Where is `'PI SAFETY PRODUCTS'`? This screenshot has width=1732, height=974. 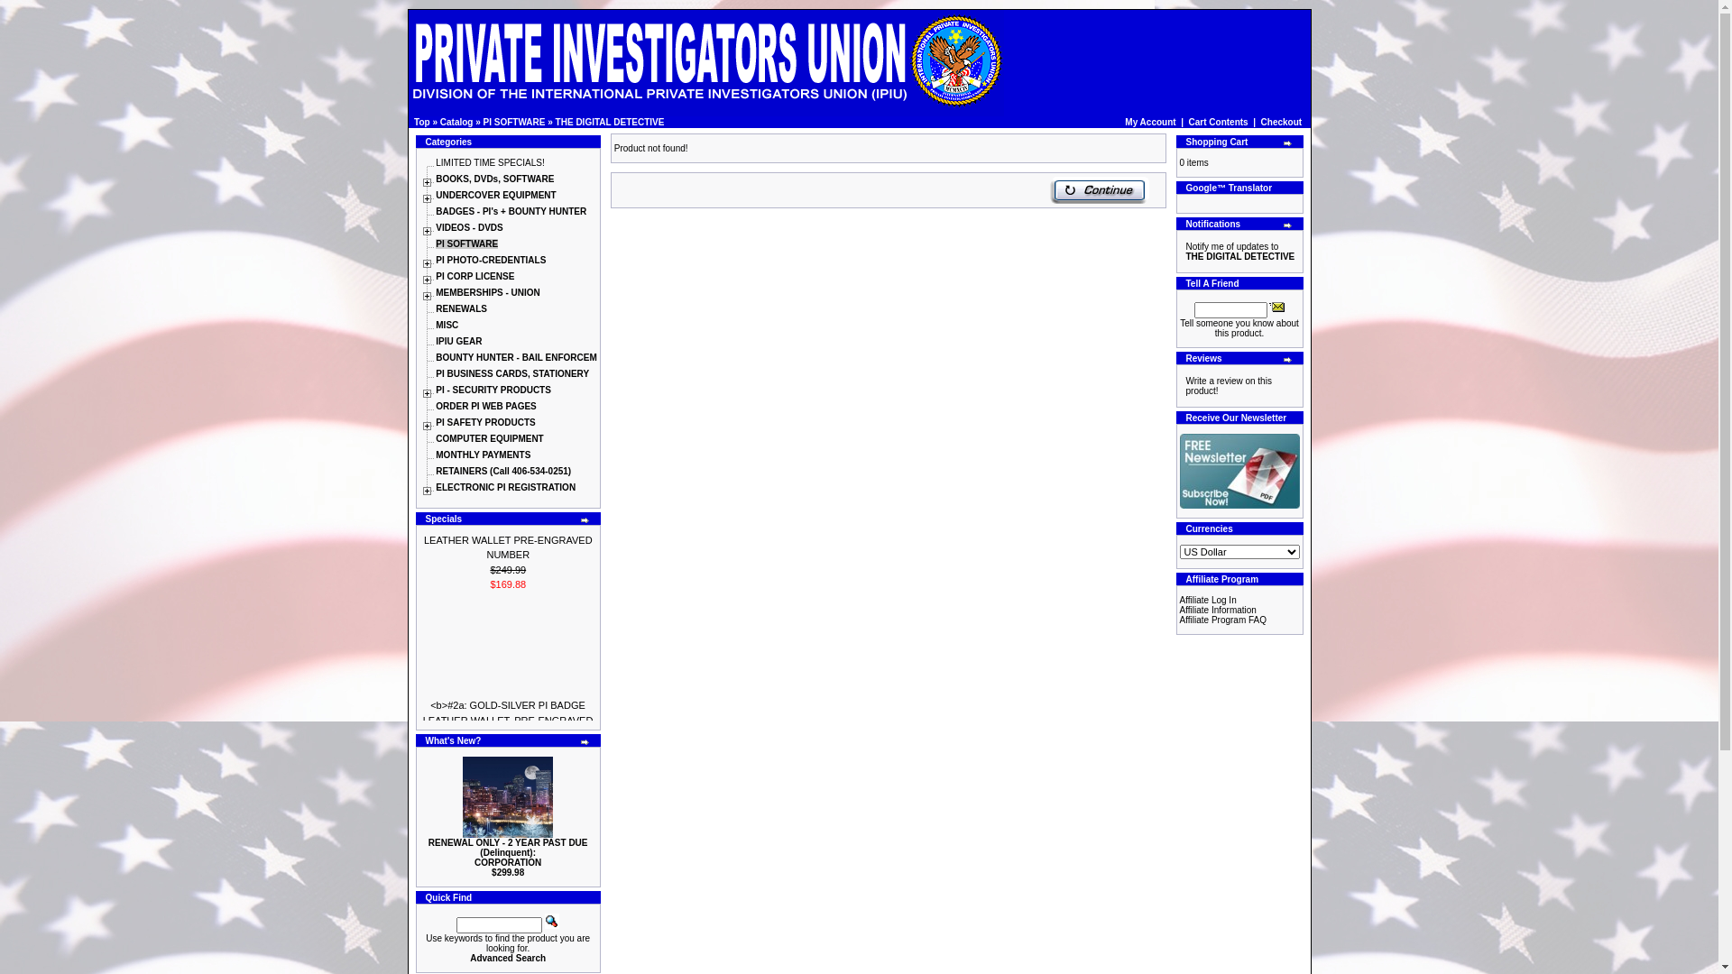
'PI SAFETY PRODUCTS' is located at coordinates (484, 422).